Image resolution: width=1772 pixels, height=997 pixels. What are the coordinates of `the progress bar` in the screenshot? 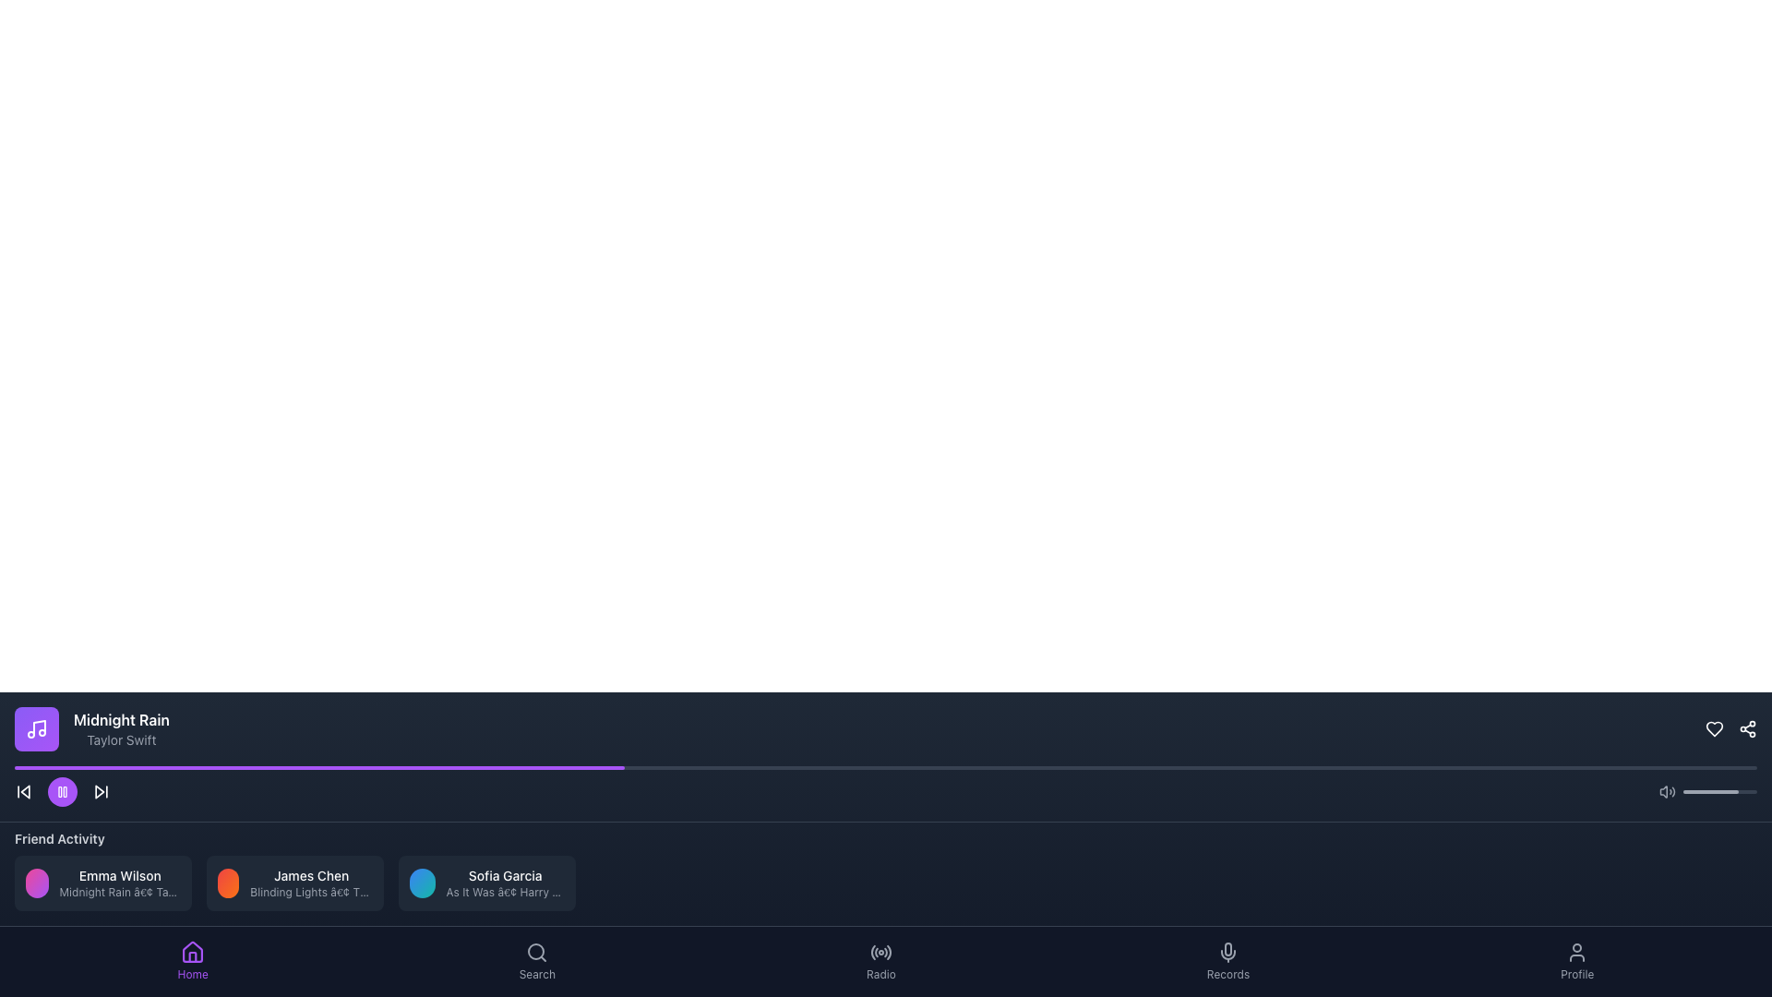 It's located at (465, 768).